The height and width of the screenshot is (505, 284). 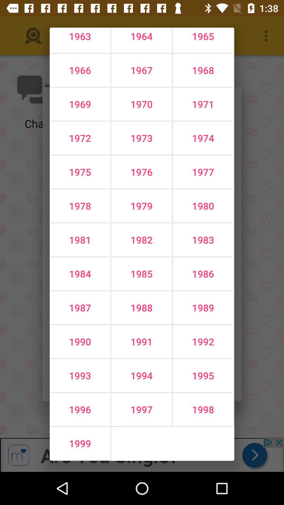 I want to click on icon above the 1994, so click(x=203, y=342).